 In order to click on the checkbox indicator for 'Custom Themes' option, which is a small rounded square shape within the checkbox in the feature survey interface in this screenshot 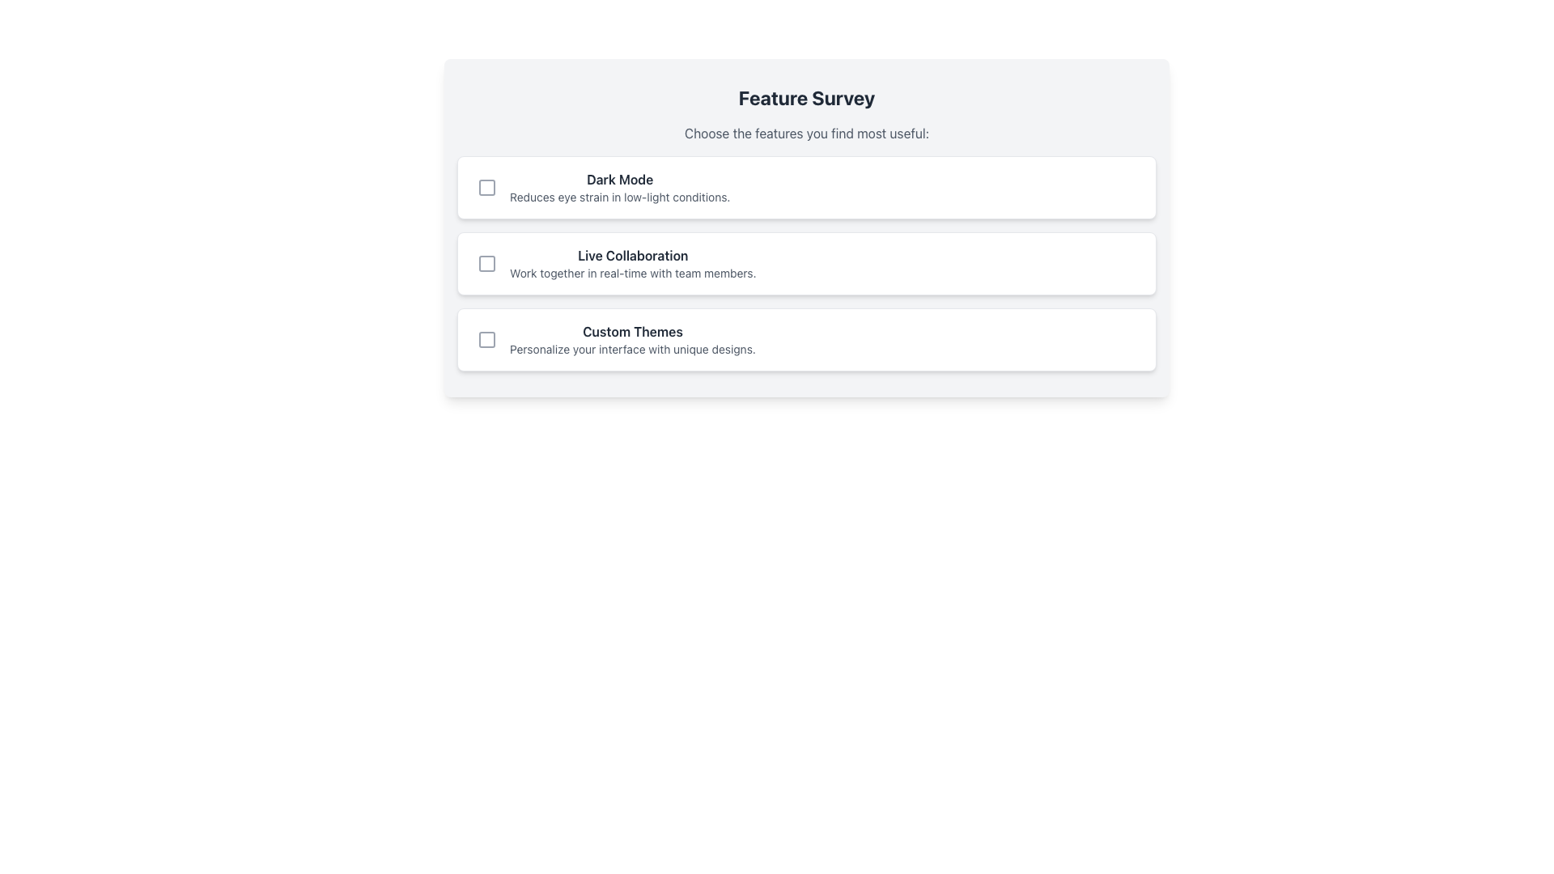, I will do `click(486, 339)`.